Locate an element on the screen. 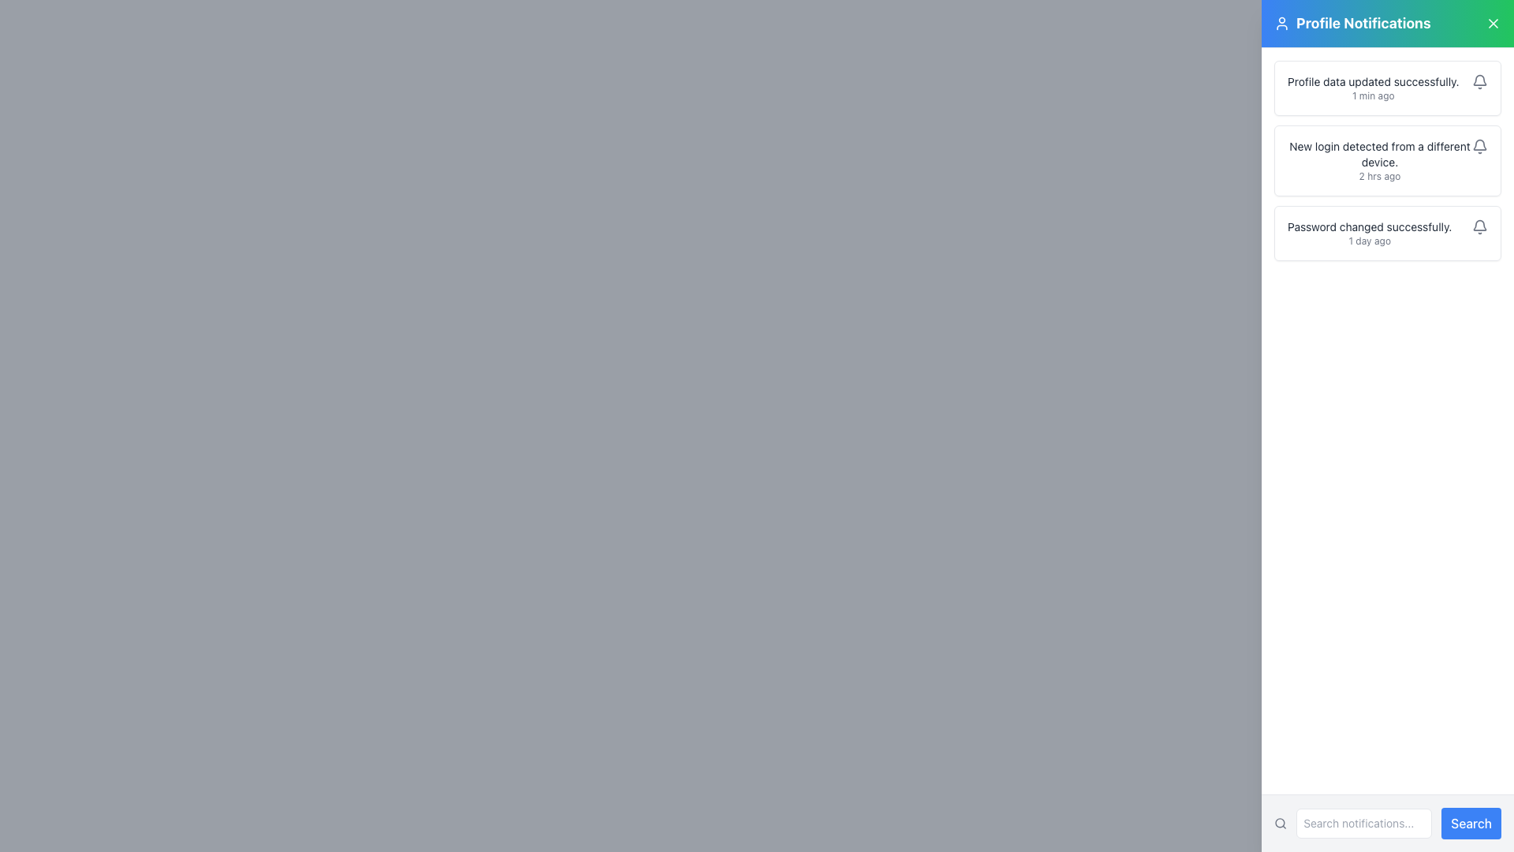  first notification in the 'Profile Notifications' panel, which states 'Profile data updated successfully.' is located at coordinates (1388, 88).